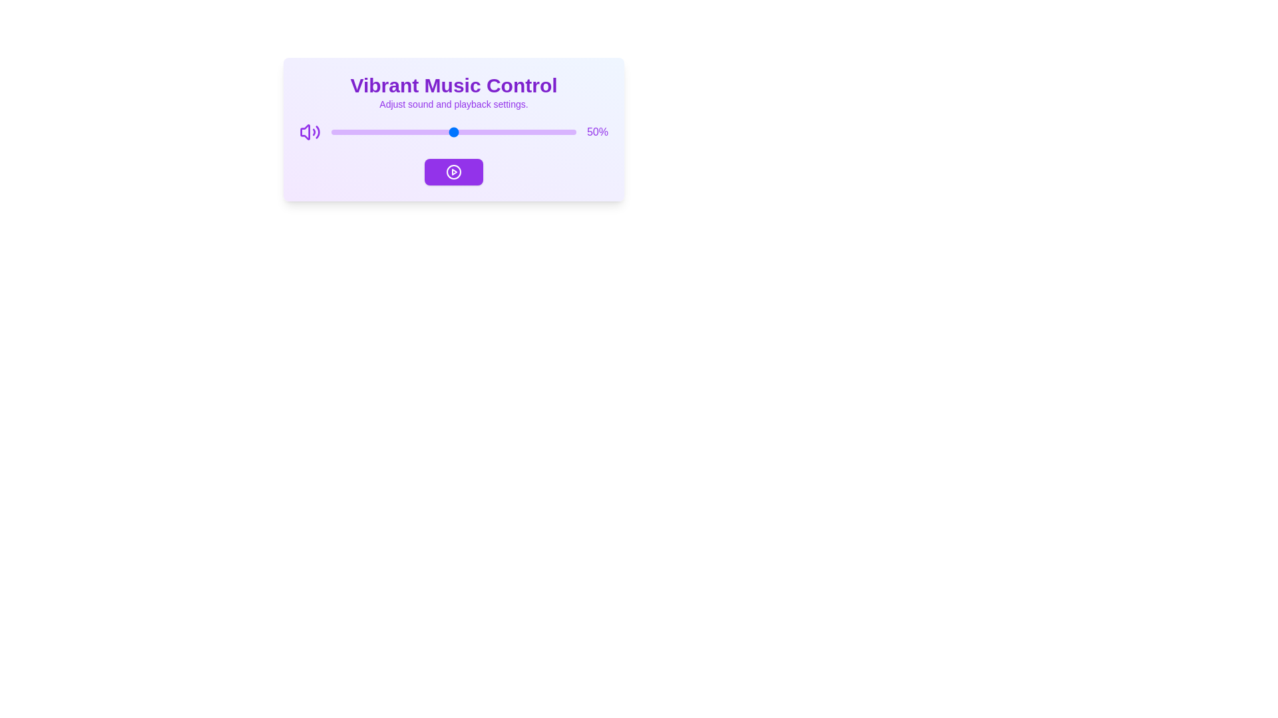 The width and height of the screenshot is (1278, 718). I want to click on the volume slider to 11%, so click(358, 132).